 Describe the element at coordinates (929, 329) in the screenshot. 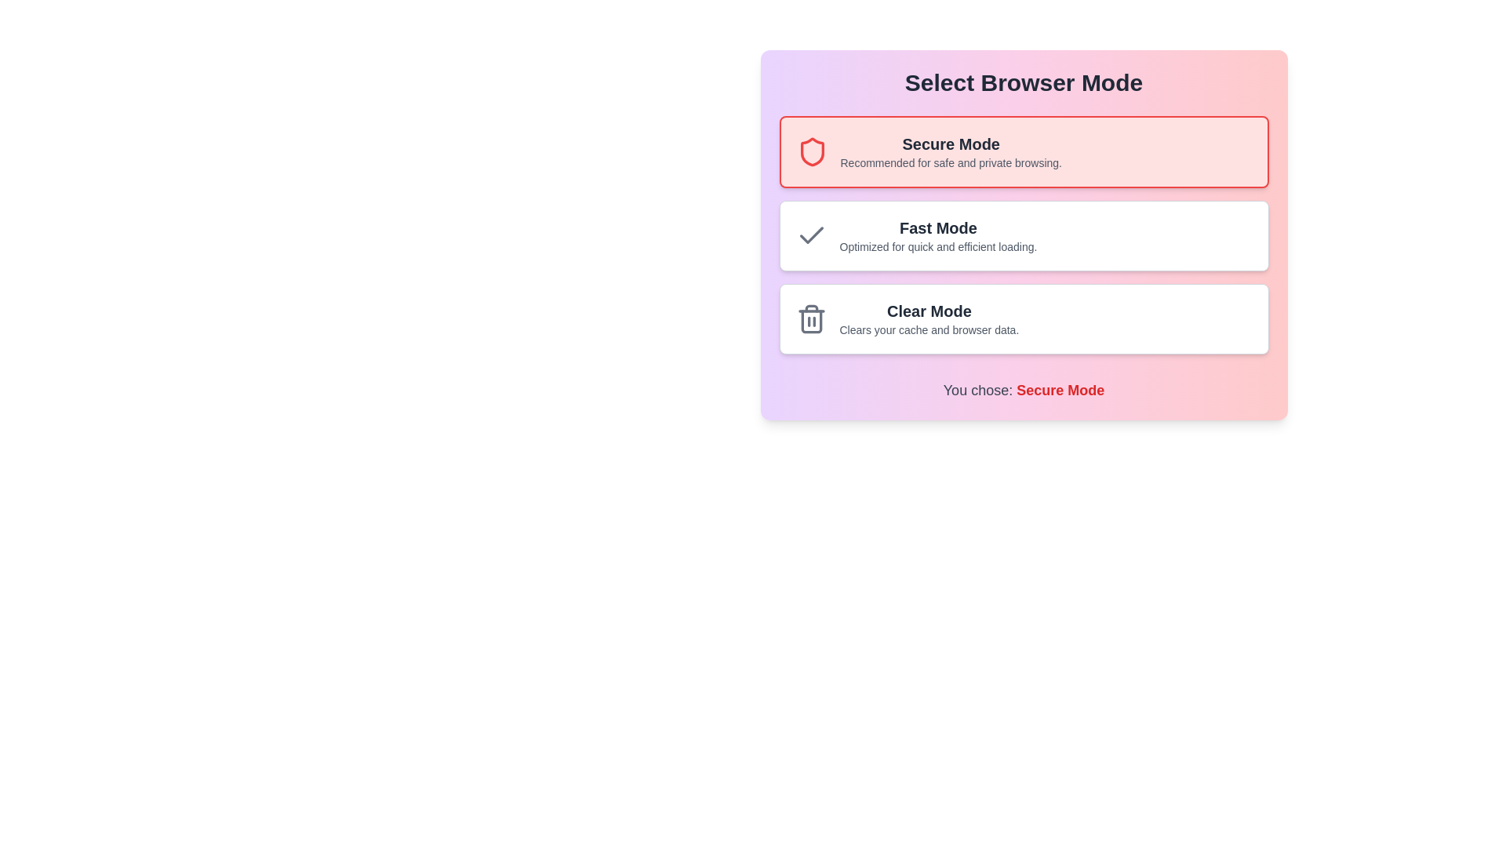

I see `the label providing additional information about the 'Clear Mode' option, located directly below the 'Clear Mode' text header in the browser mode selection interface` at that location.